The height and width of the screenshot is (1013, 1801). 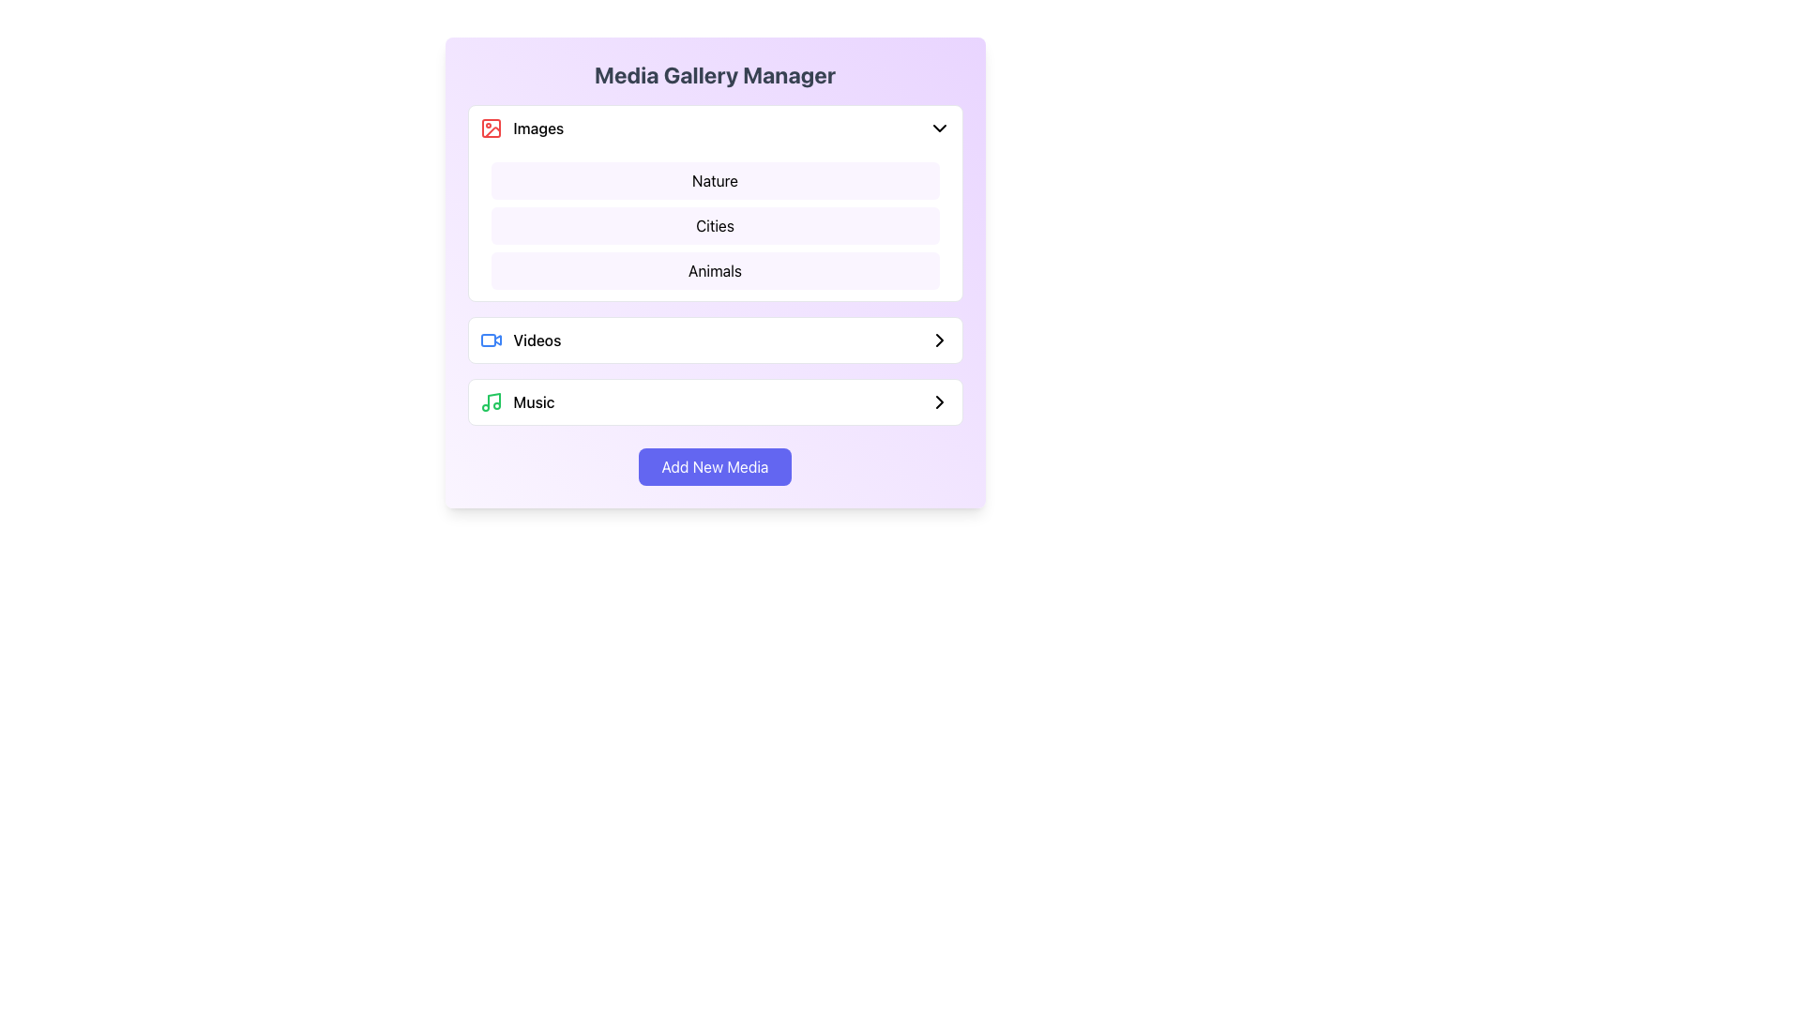 I want to click on the Dropdown Indicator Icon located on the right side of the 'Images' section header, so click(x=939, y=128).